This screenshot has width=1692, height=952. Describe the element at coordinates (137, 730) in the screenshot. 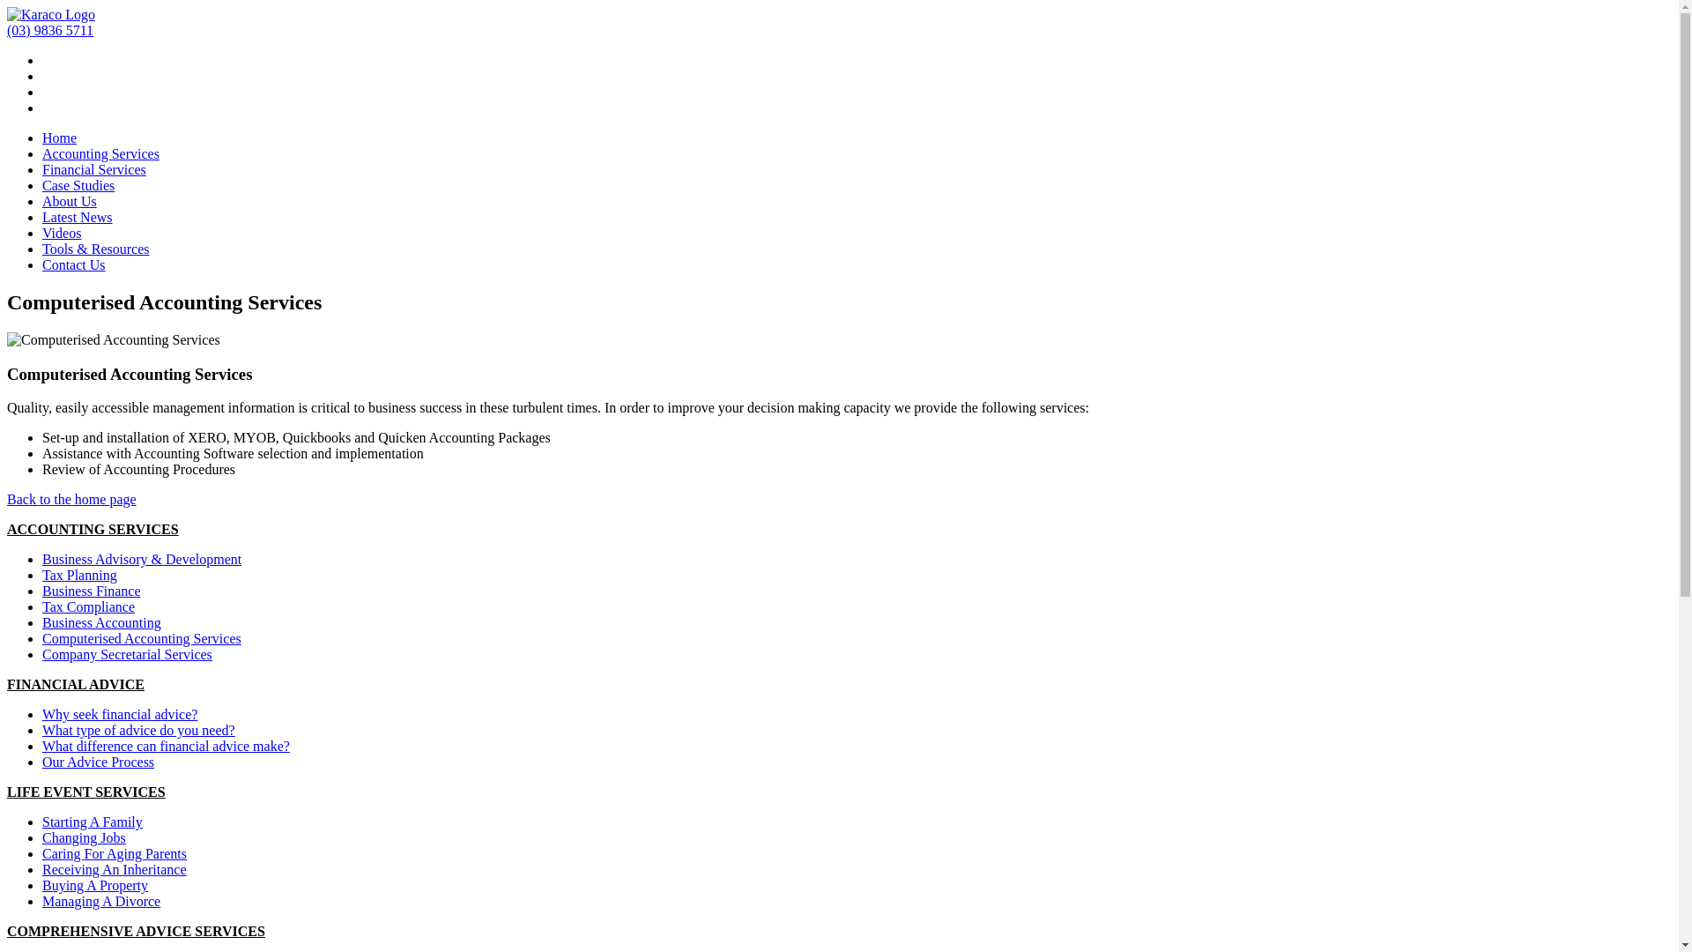

I see `'What type of advice do you need?'` at that location.